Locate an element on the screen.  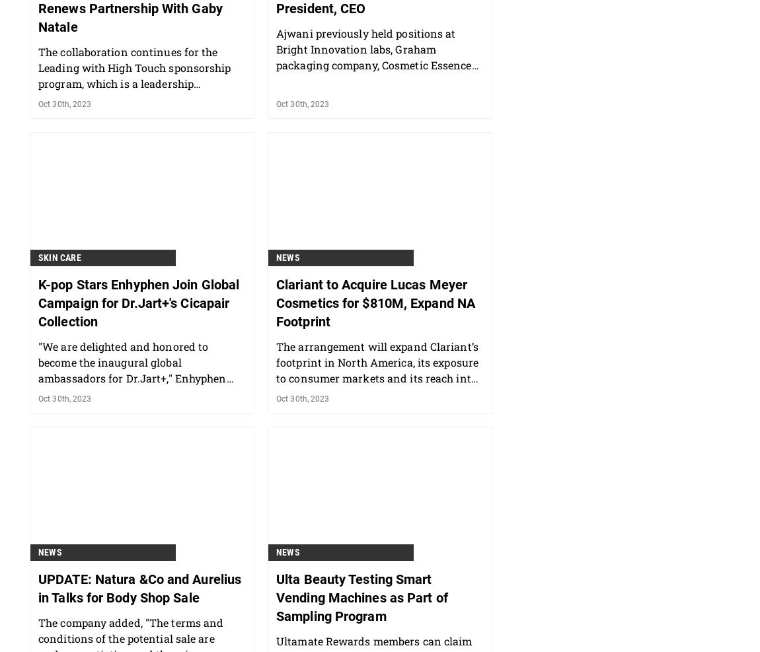
'The collaboration continues for the Leading with High Touch sponsorship program, which is a leadership development program designed to elevate, develop, retain, and attract senior-level Hispanic/Latinx talent.' is located at coordinates (37, 160).